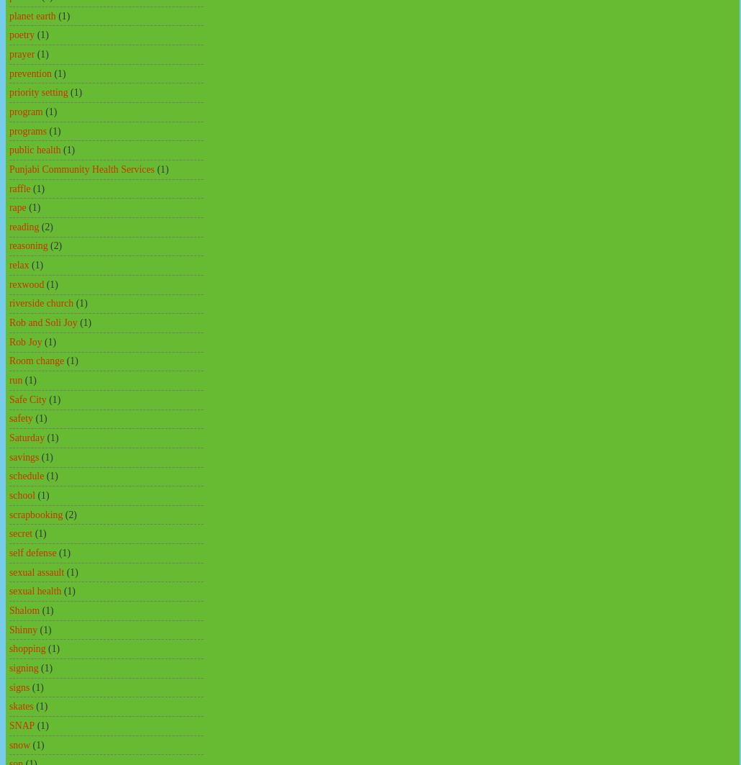  I want to click on 'planet earth', so click(32, 15).